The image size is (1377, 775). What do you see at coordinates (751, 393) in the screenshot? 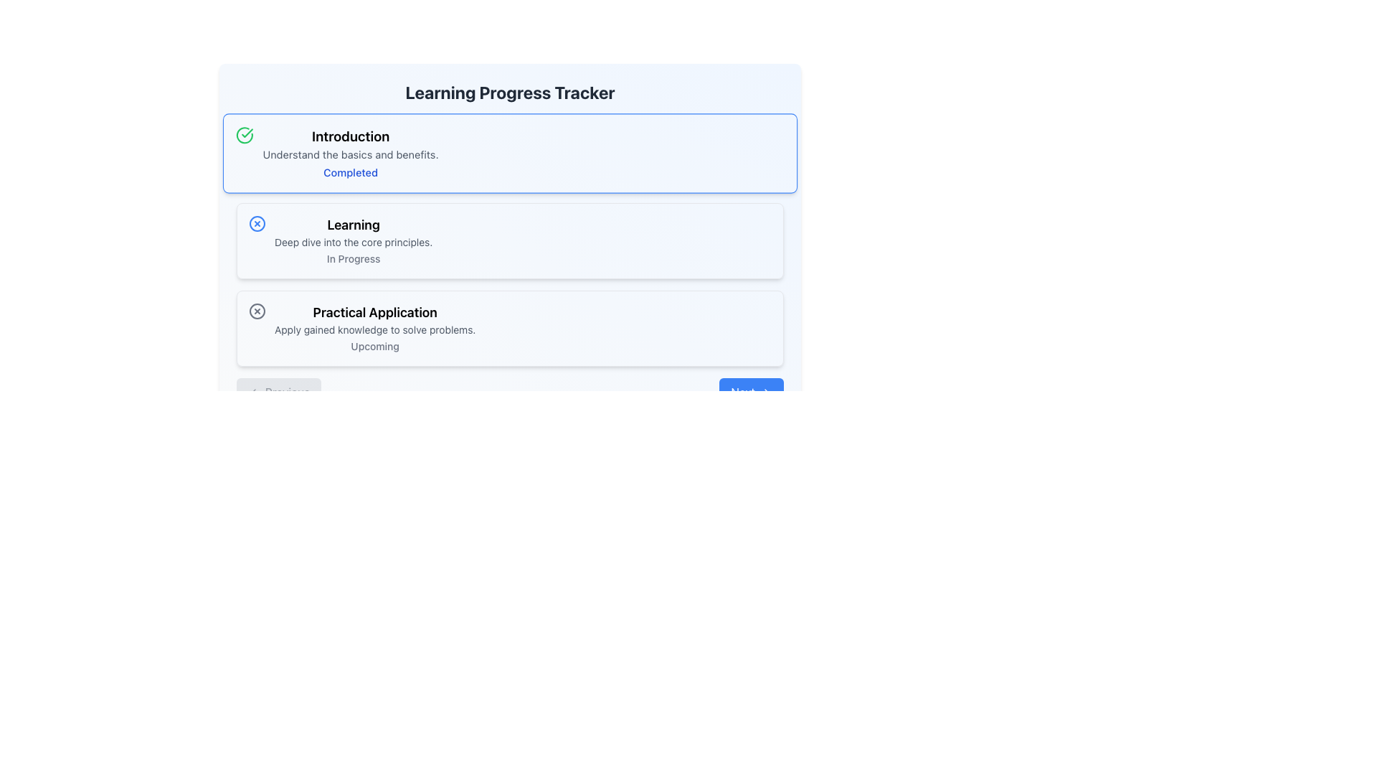
I see `the rectangular blue button labeled 'Next' with white text and a rightward chevron icon` at bounding box center [751, 393].